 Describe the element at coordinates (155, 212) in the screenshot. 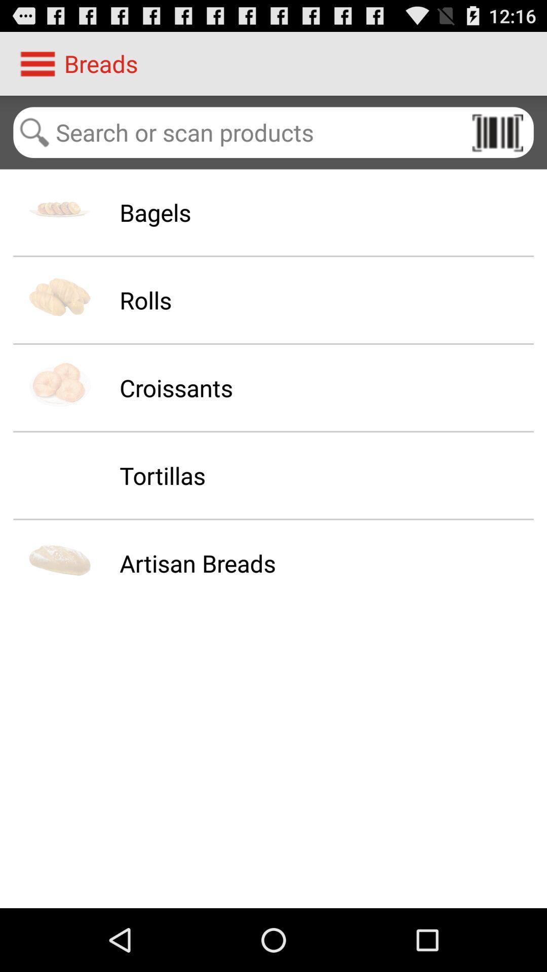

I see `the app above the rolls` at that location.